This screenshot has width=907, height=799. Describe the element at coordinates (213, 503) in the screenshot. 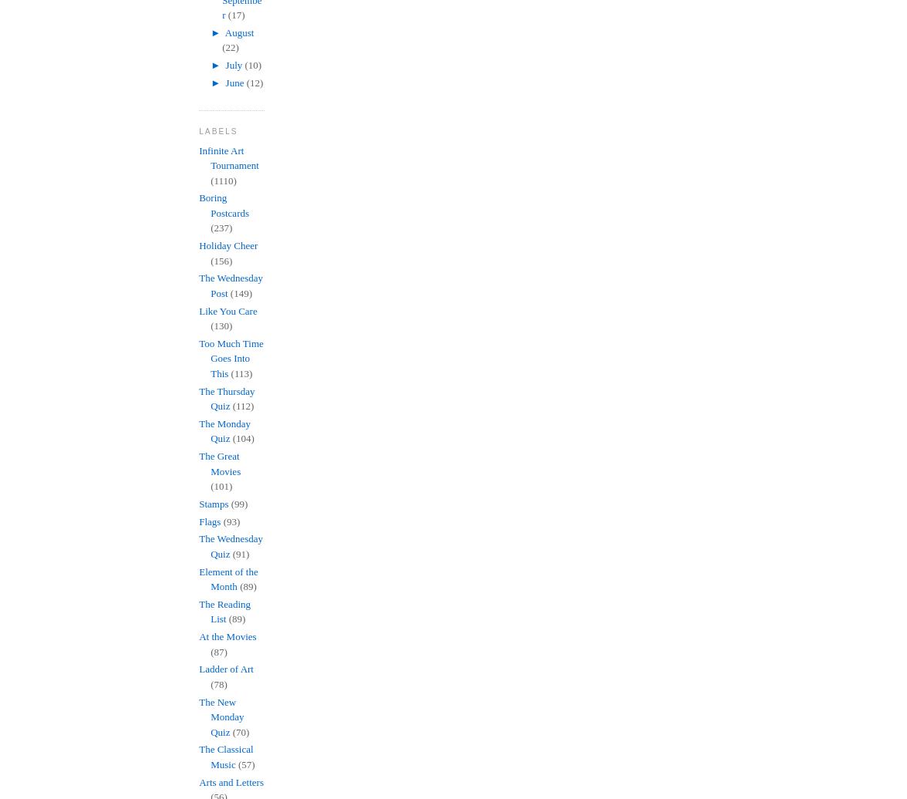

I see `'Stamps'` at that location.